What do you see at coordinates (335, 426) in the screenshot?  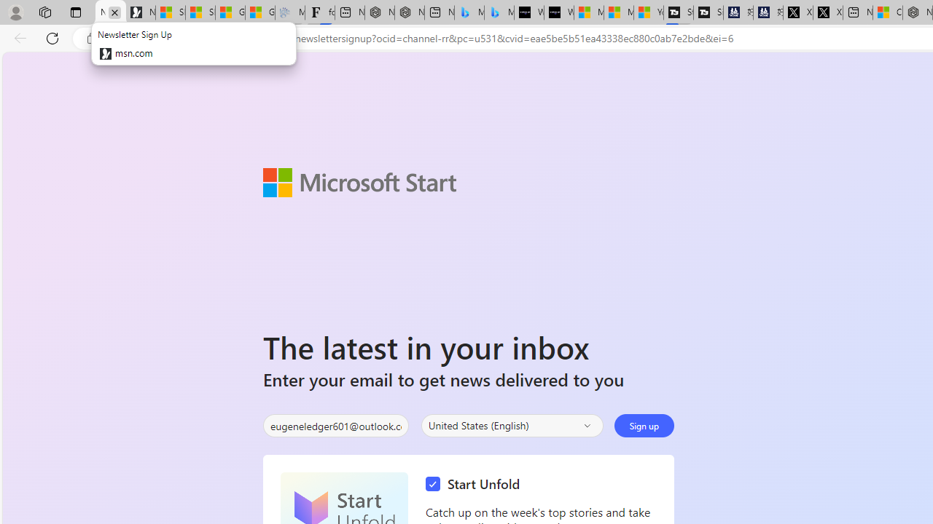 I see `'Enter your email'` at bounding box center [335, 426].